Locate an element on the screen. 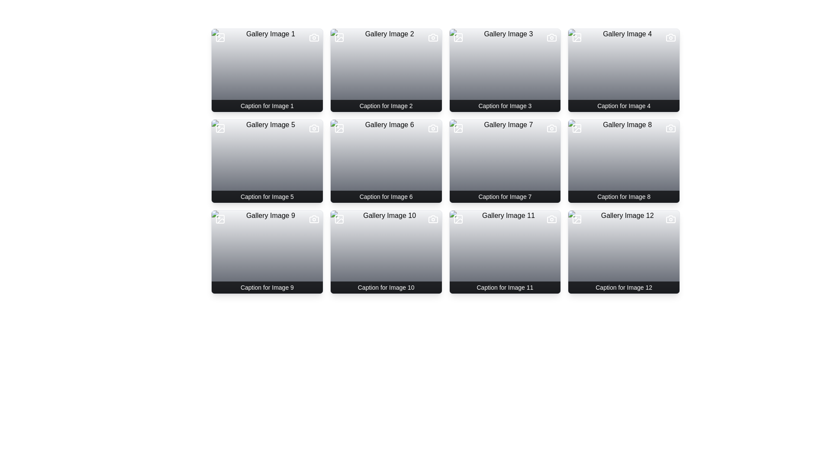 This screenshot has width=831, height=467. the decorative shape (SVG rectangle) located in the top-left corner of the 'Gallery Image 7' card, which has slightly rounded corners is located at coordinates (457, 128).